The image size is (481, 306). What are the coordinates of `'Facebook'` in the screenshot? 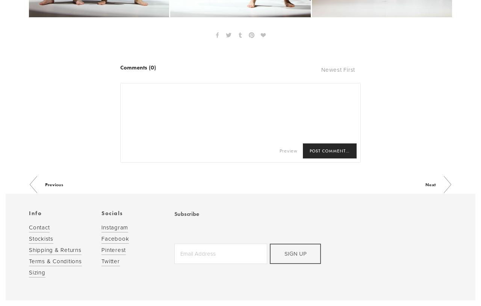 It's located at (115, 238).